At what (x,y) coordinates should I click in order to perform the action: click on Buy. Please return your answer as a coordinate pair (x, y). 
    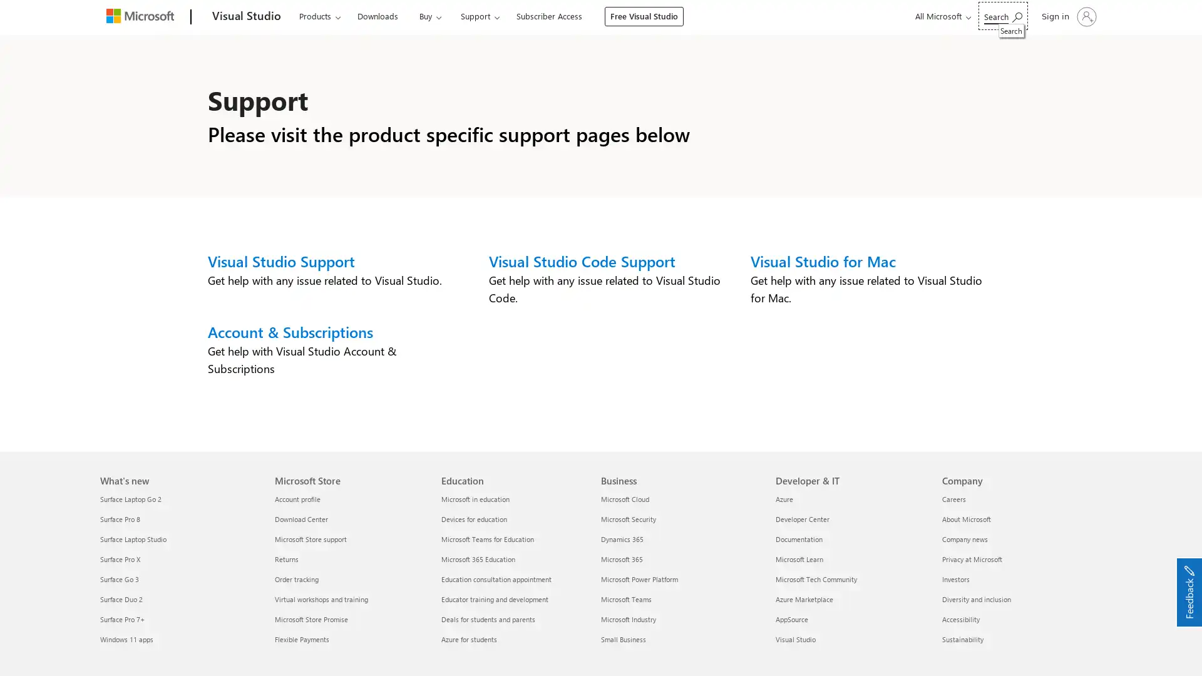
    Looking at the image, I should click on (429, 16).